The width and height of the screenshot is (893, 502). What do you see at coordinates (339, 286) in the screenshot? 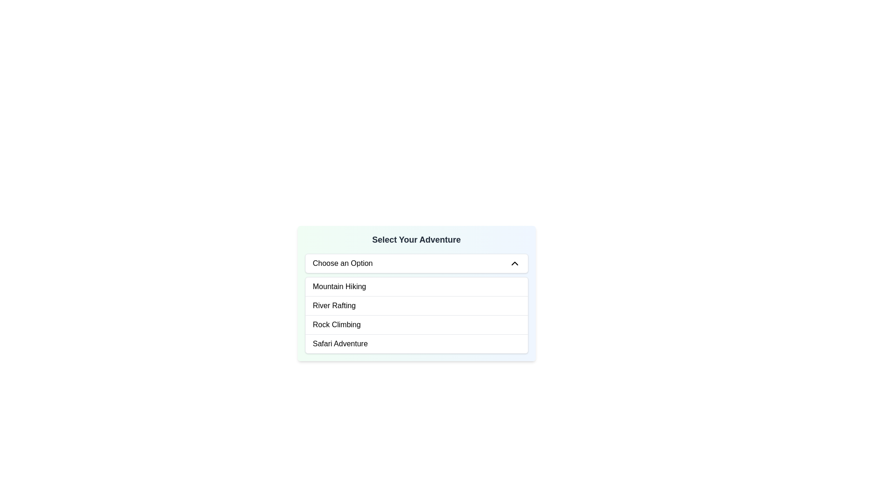
I see `the 'Mountain Hiking' text label in the adventure options menu` at bounding box center [339, 286].